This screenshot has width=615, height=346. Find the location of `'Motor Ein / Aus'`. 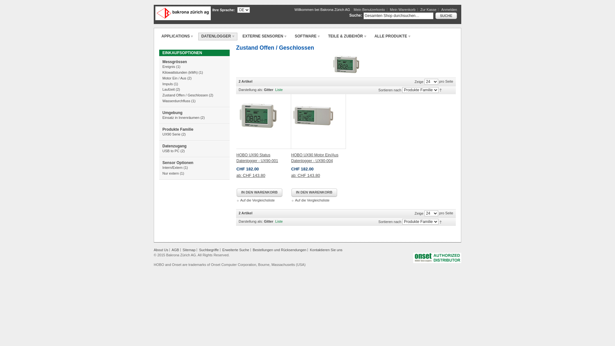

'Motor Ein / Aus' is located at coordinates (174, 78).